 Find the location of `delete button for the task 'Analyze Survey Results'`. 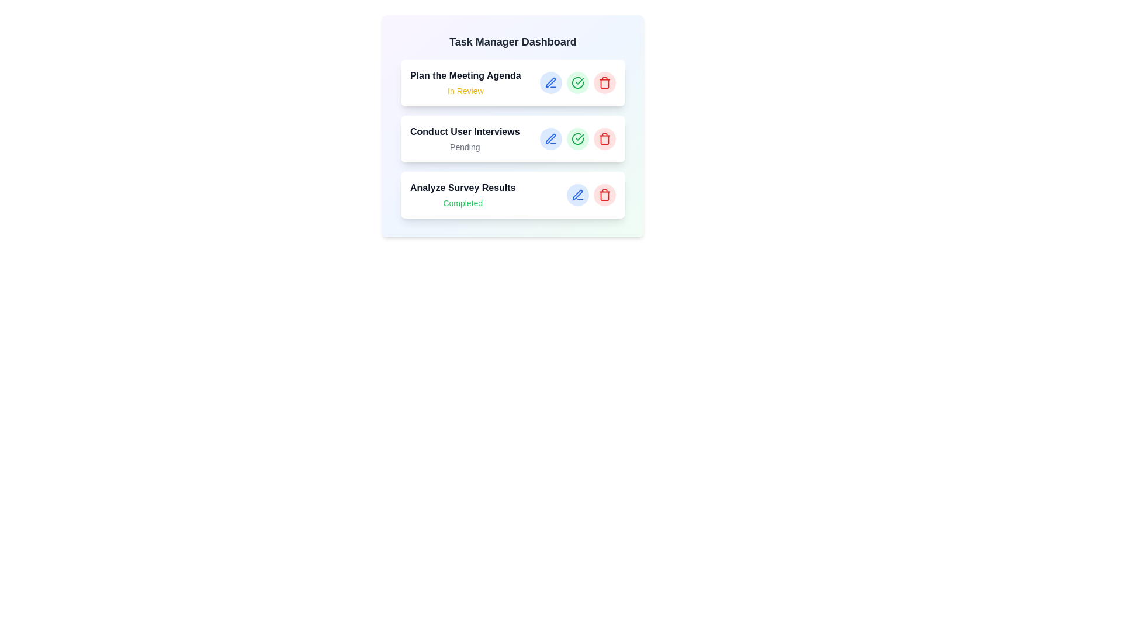

delete button for the task 'Analyze Survey Results' is located at coordinates (605, 195).